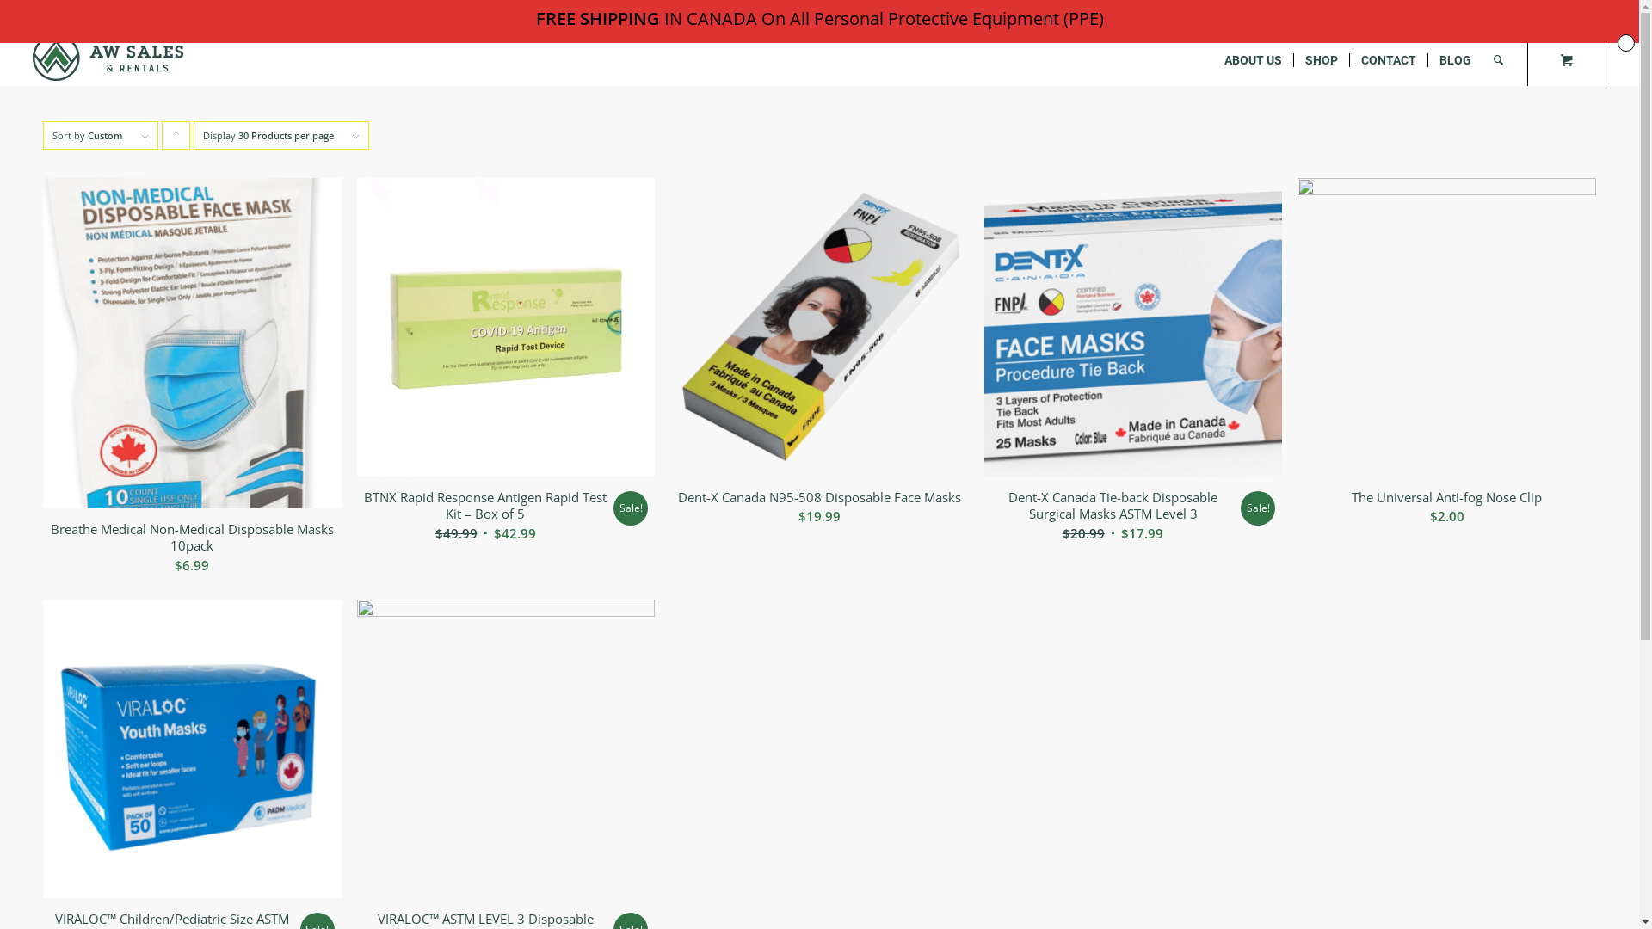 This screenshot has width=1652, height=929. I want to click on 'ABOUT US', so click(1253, 58).